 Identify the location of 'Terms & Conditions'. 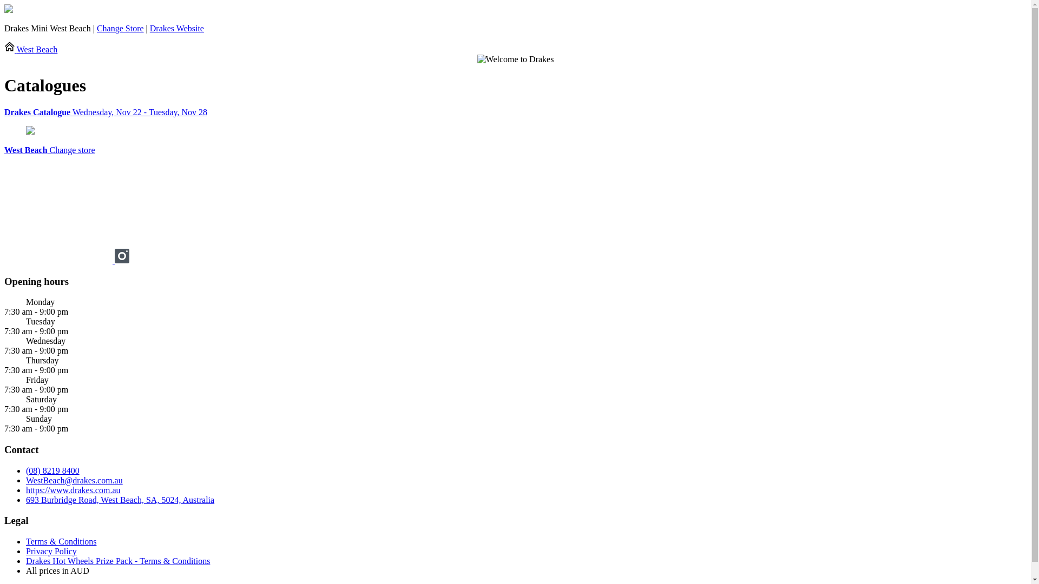
(61, 541).